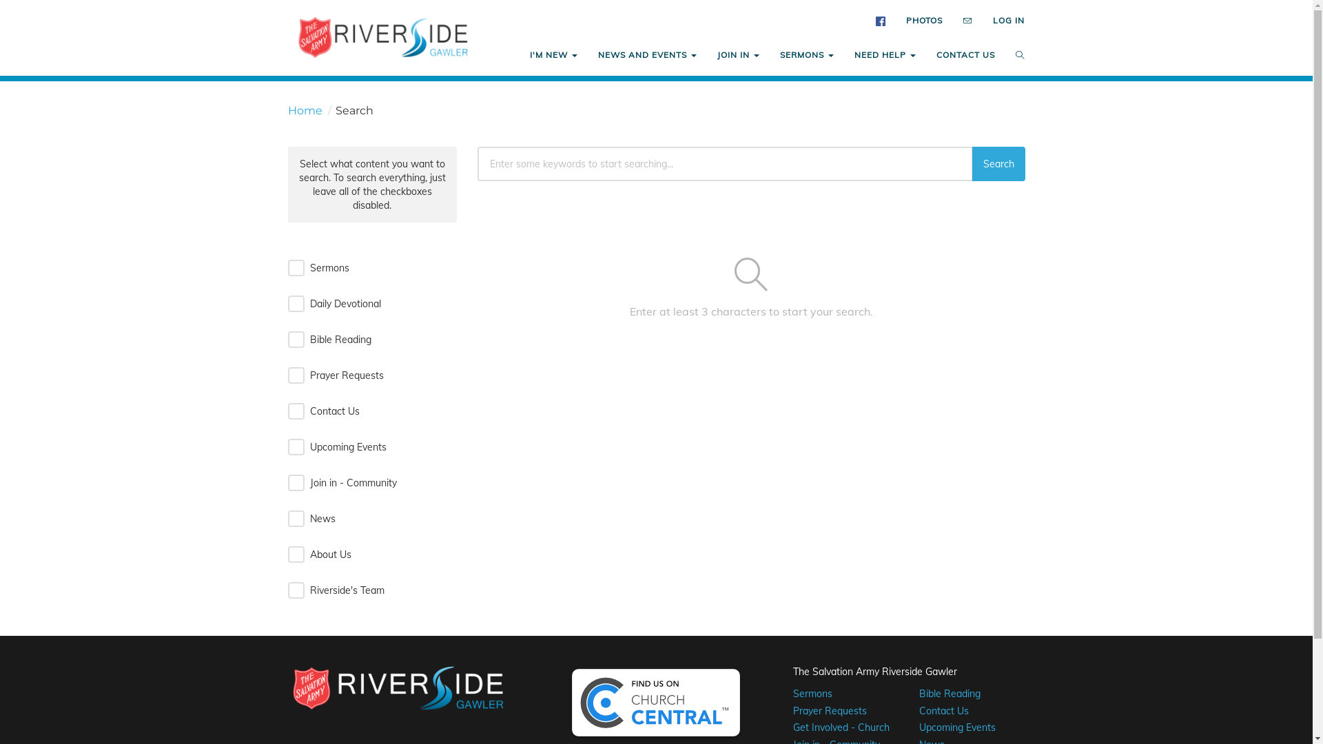 Image resolution: width=1323 pixels, height=744 pixels. Describe the element at coordinates (807, 54) in the screenshot. I see `'SERMONS'` at that location.